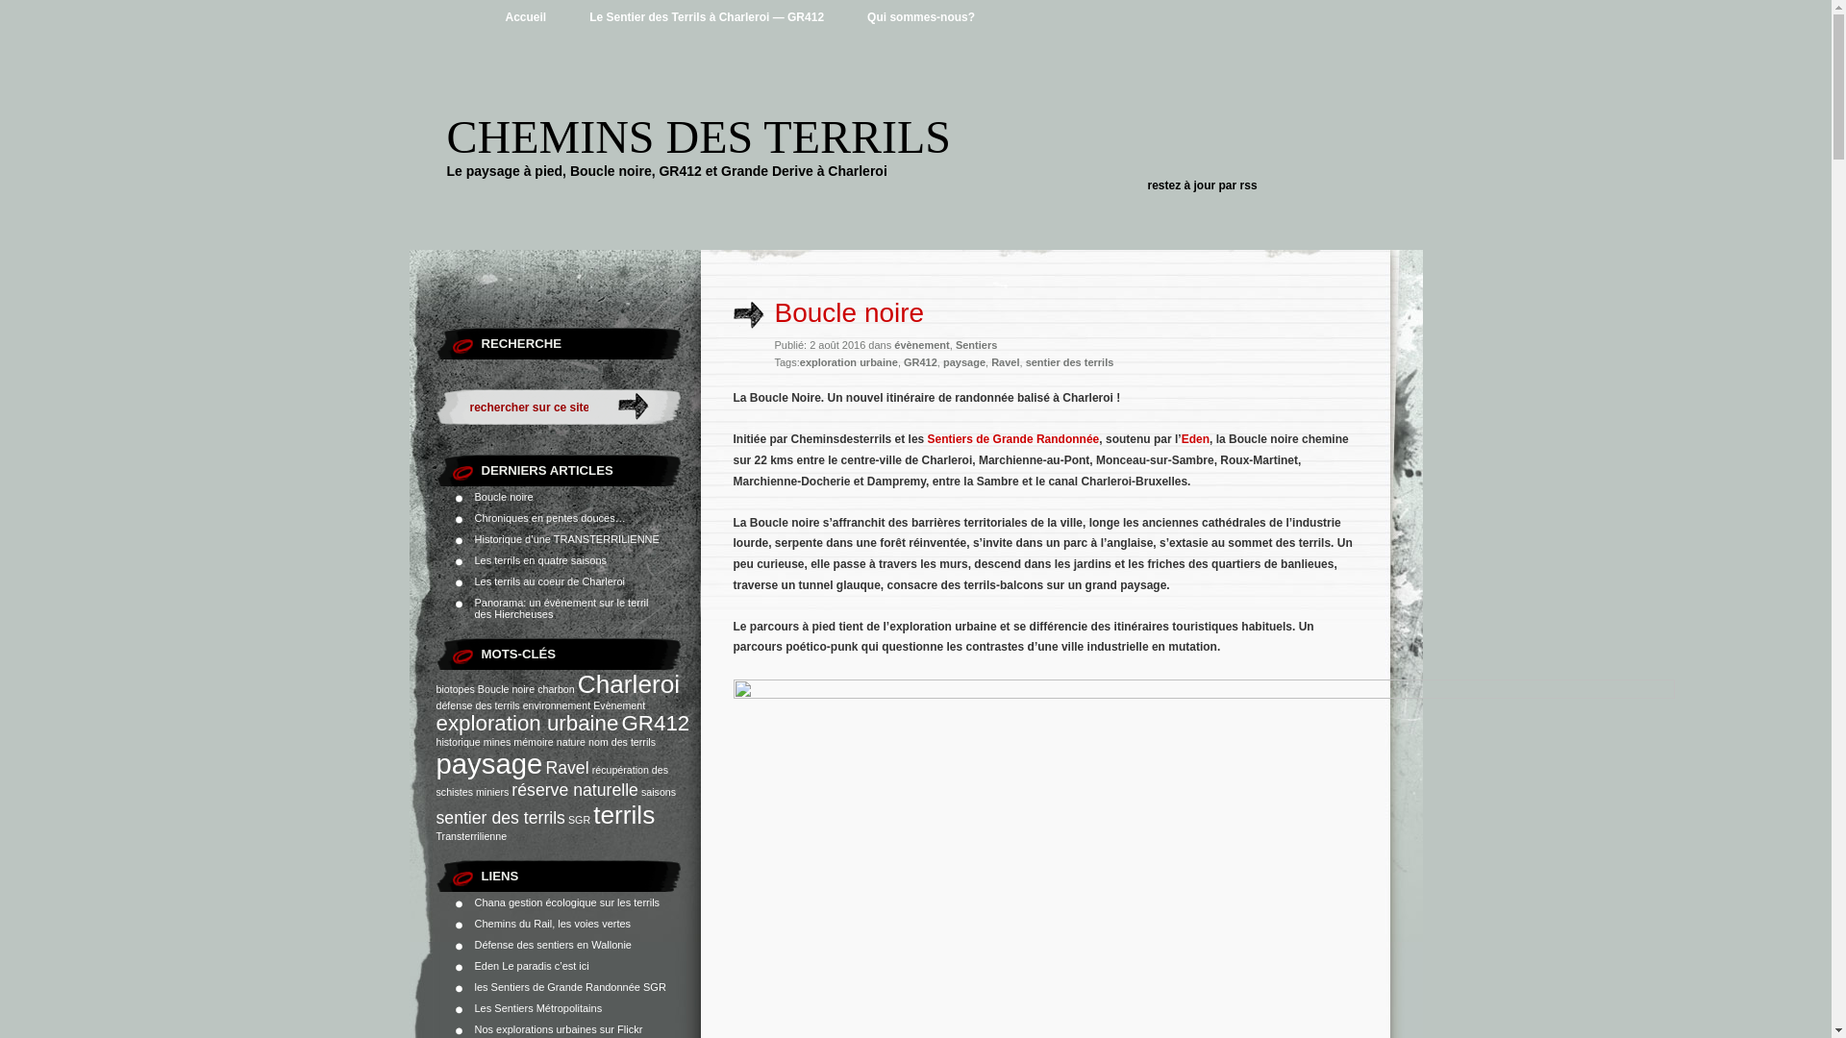 This screenshot has width=1846, height=1038. Describe the element at coordinates (1180, 438) in the screenshot. I see `'Eden'` at that location.